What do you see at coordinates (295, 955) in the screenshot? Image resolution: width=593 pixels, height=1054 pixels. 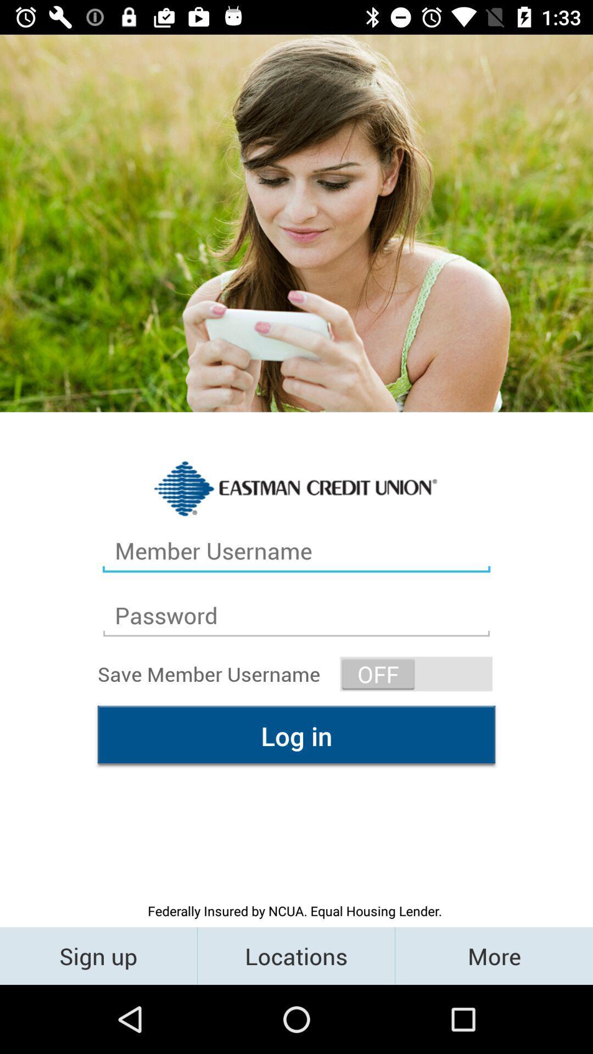 I see `locations` at bounding box center [295, 955].